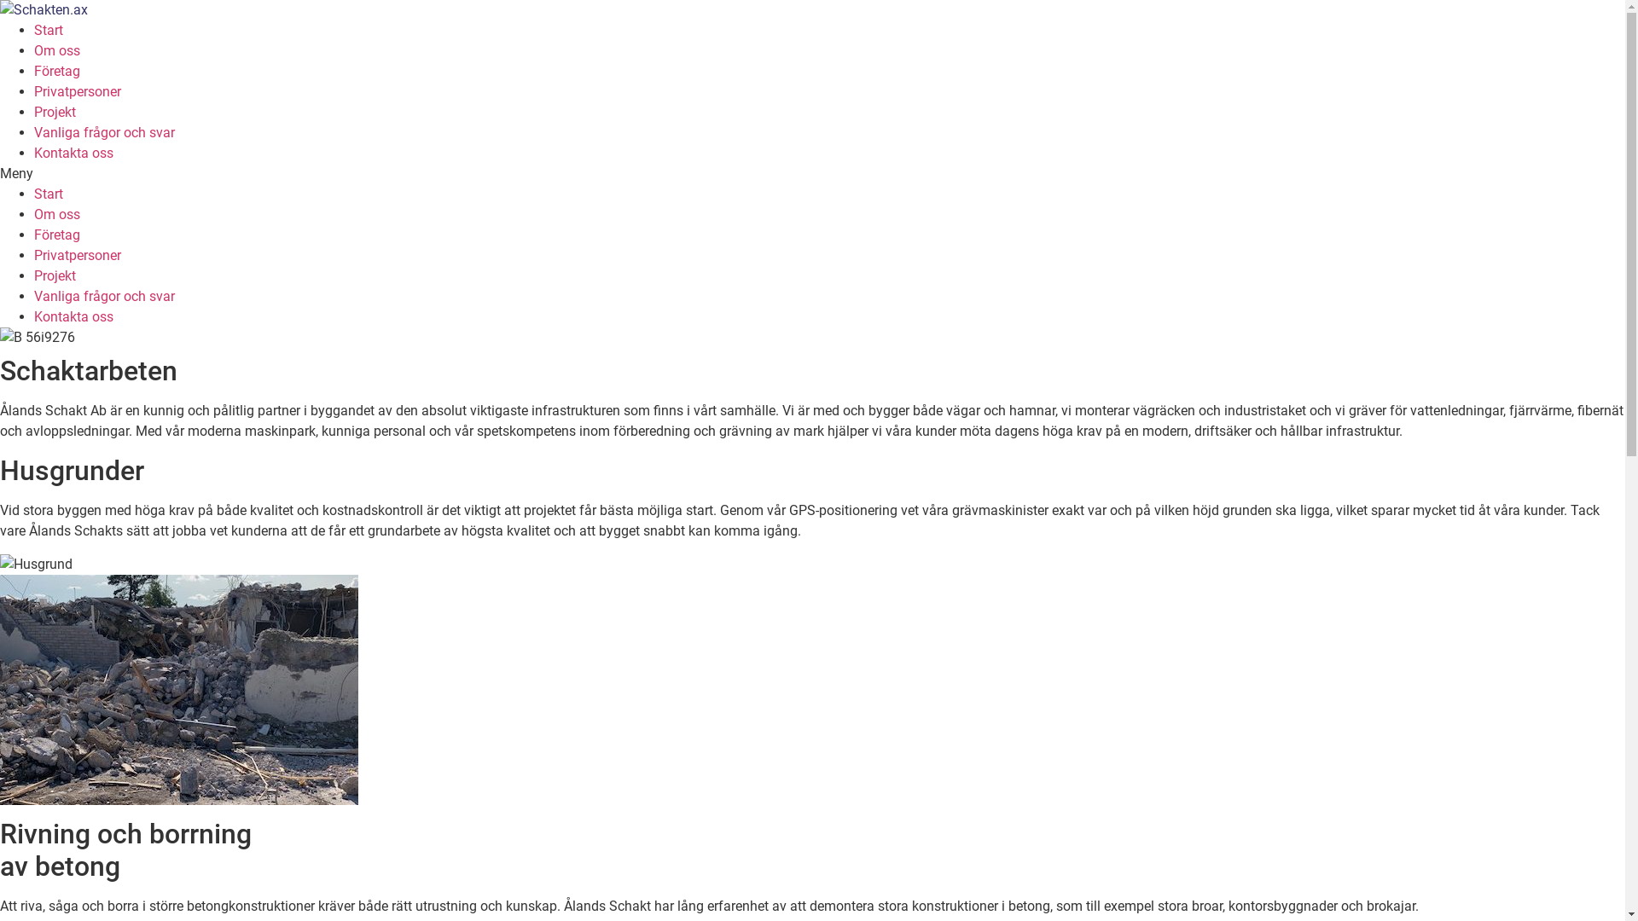  I want to click on 'Kontakta oss', so click(33, 152).